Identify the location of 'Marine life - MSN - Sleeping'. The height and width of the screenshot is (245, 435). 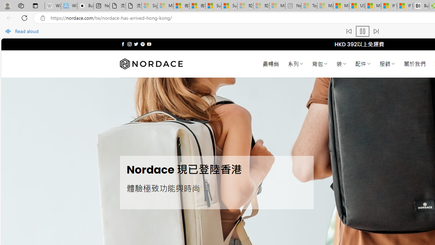
(325, 6).